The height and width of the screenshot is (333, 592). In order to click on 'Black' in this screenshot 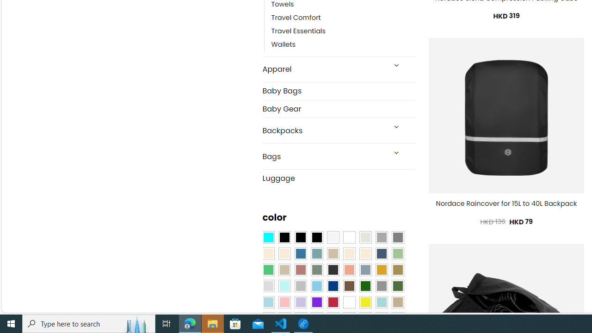, I will do `click(301, 237)`.